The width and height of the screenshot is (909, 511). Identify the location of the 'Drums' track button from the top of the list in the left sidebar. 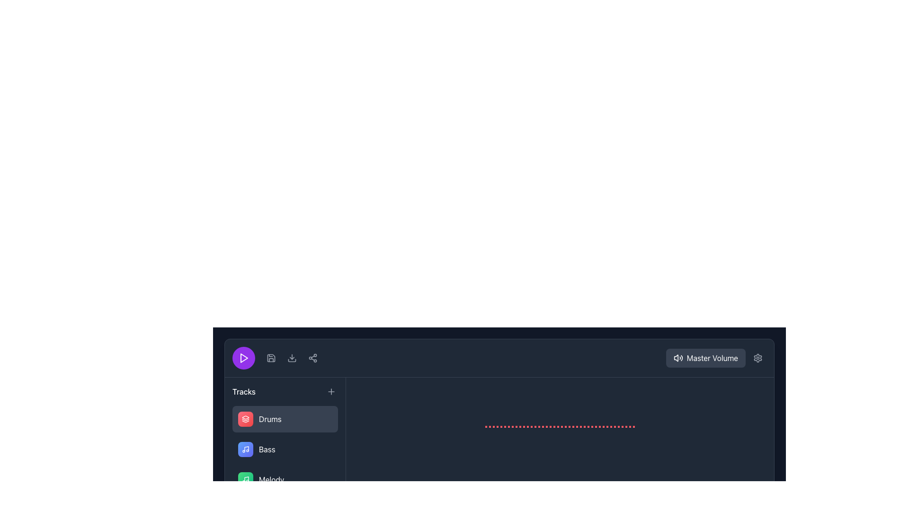
(285, 419).